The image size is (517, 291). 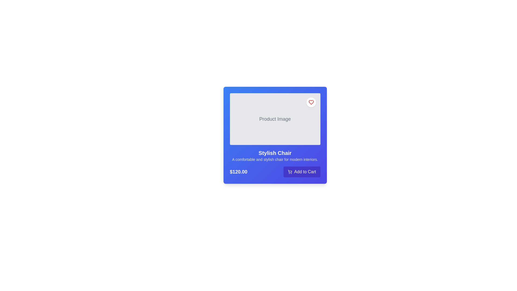 What do you see at coordinates (275, 119) in the screenshot?
I see `the static text label that serves as a descriptive label for the product image area, located in the upper-middle segment of the card's layout` at bounding box center [275, 119].